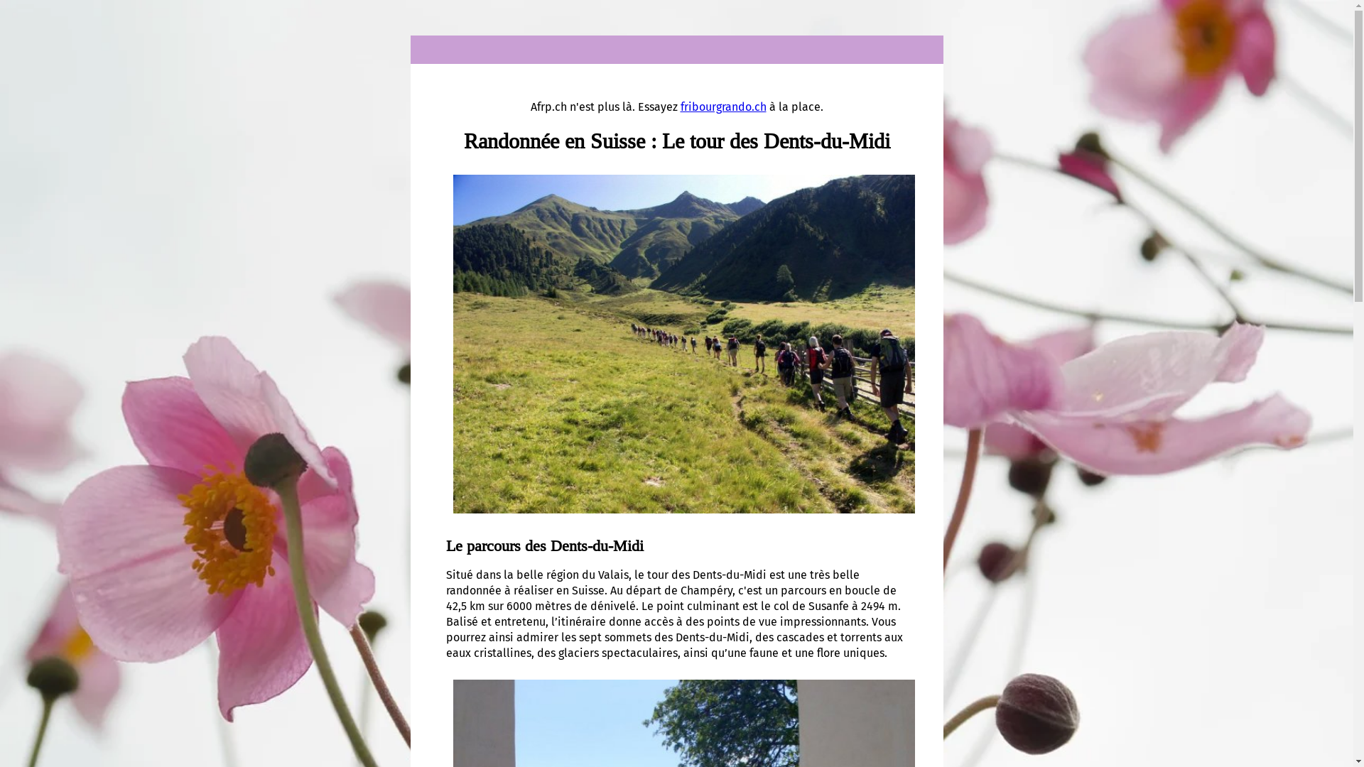 The width and height of the screenshot is (1364, 767). Describe the element at coordinates (680, 106) in the screenshot. I see `'fribourgrando.ch'` at that location.